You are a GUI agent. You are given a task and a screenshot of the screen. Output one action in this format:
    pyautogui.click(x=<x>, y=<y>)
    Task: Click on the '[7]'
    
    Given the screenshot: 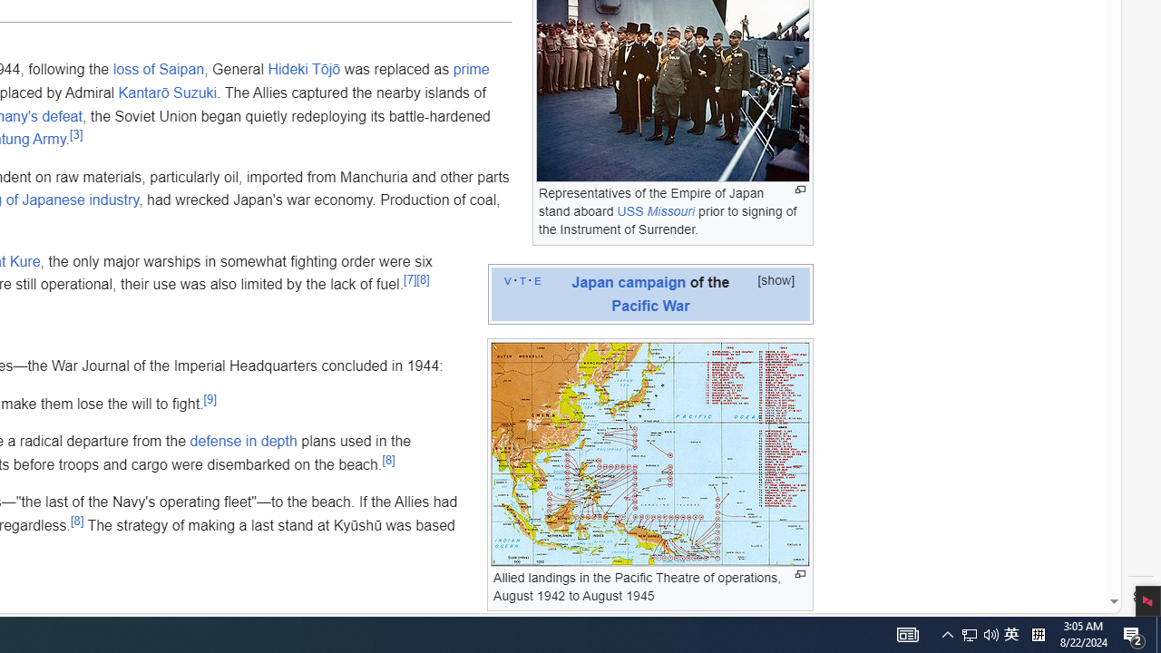 What is the action you would take?
    pyautogui.click(x=409, y=279)
    